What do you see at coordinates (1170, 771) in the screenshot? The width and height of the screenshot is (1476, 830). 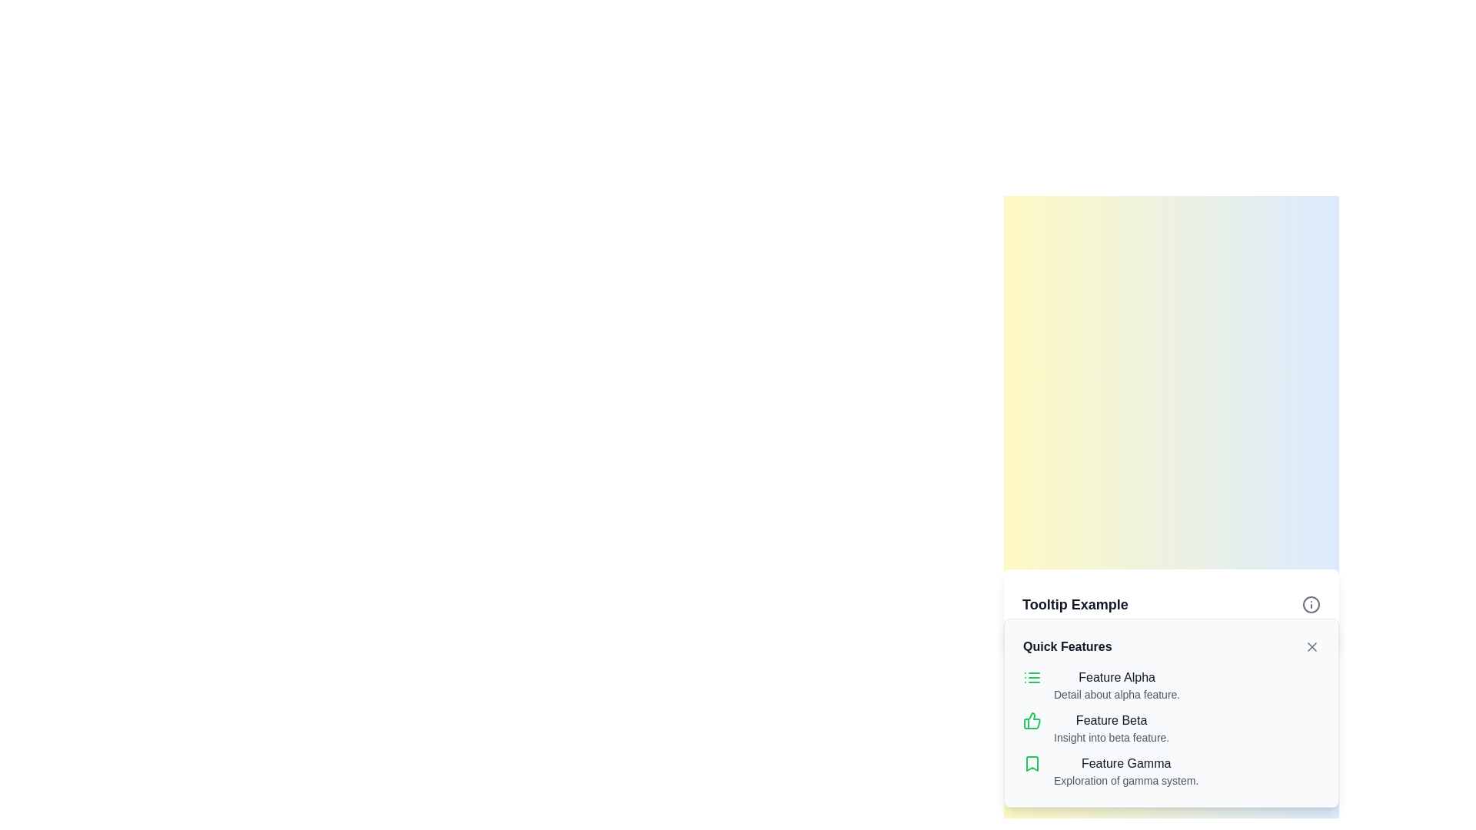 I see `the text block containing the bold title 'Feature Gamma' and the subtitle 'Exploration of gamma system.', which is located at the bottom of the feature list` at bounding box center [1170, 771].